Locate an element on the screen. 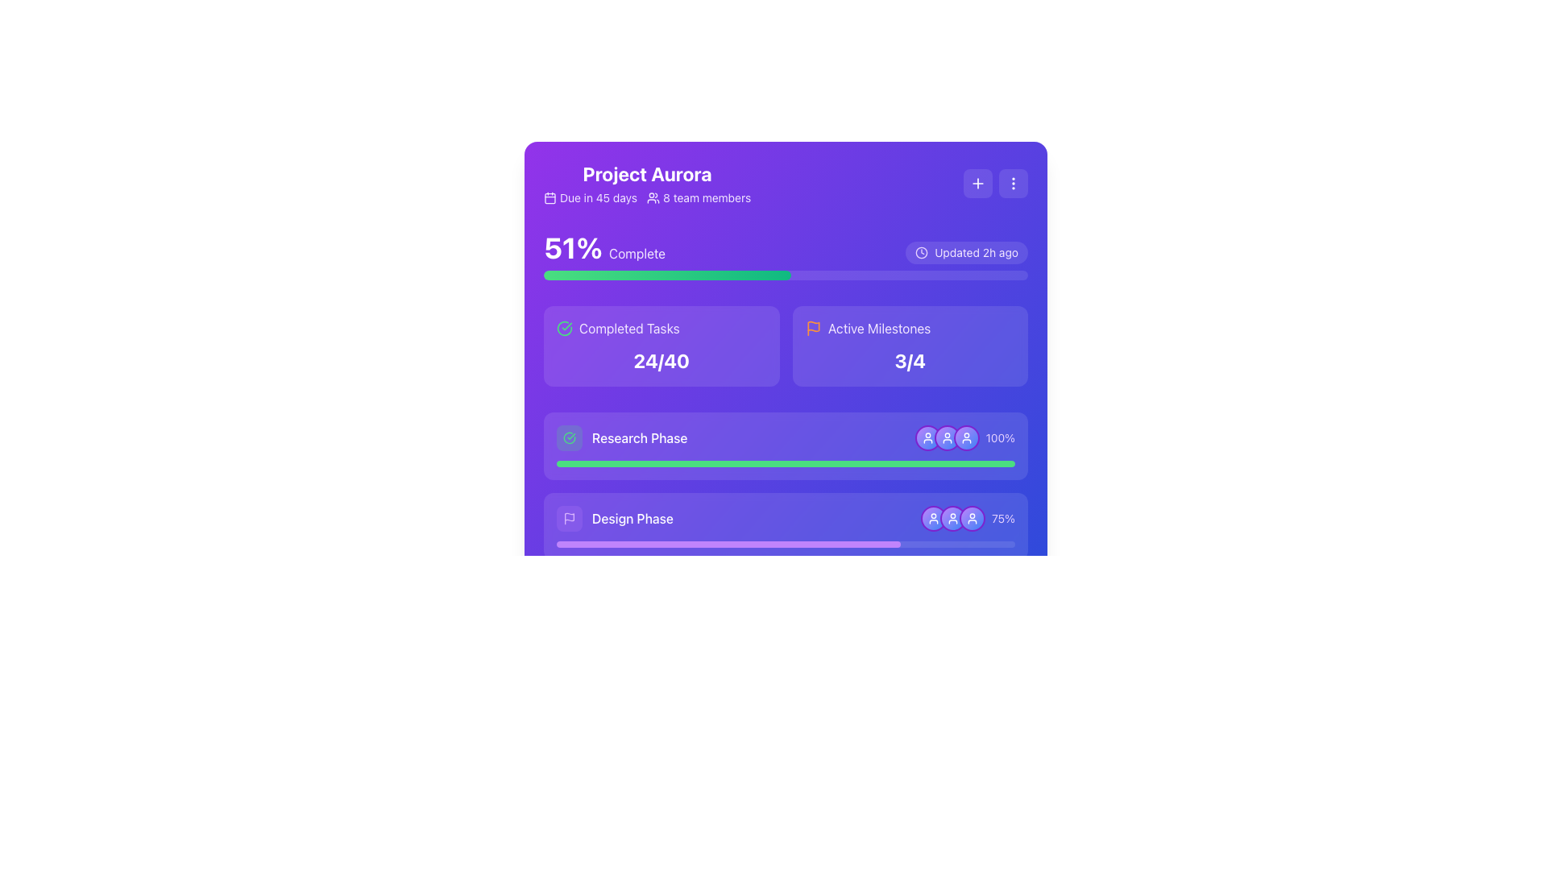 The height and width of the screenshot is (870, 1547). displayed percentage value '100%' from the text label located in the top-right corner of the 'Research Phase' section, which is styled with a small-sized font and light purple text color is located at coordinates (964, 437).